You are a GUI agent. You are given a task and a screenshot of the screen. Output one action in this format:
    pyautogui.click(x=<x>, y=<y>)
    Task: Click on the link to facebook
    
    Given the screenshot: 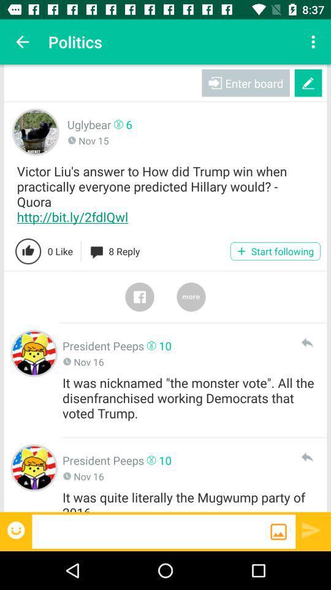 What is the action you would take?
    pyautogui.click(x=139, y=296)
    